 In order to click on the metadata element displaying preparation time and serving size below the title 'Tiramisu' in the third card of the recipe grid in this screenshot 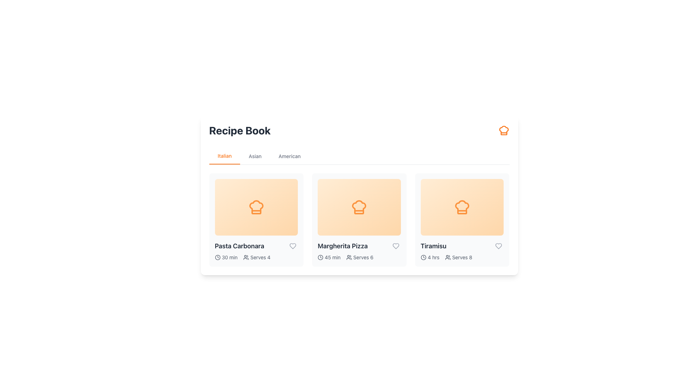, I will do `click(462, 257)`.